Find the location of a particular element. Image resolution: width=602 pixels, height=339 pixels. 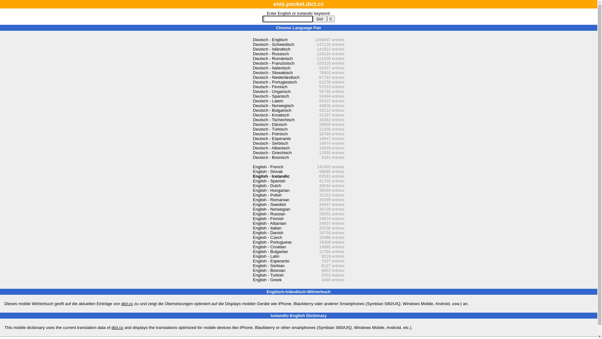

'English - Russian' is located at coordinates (269, 213).